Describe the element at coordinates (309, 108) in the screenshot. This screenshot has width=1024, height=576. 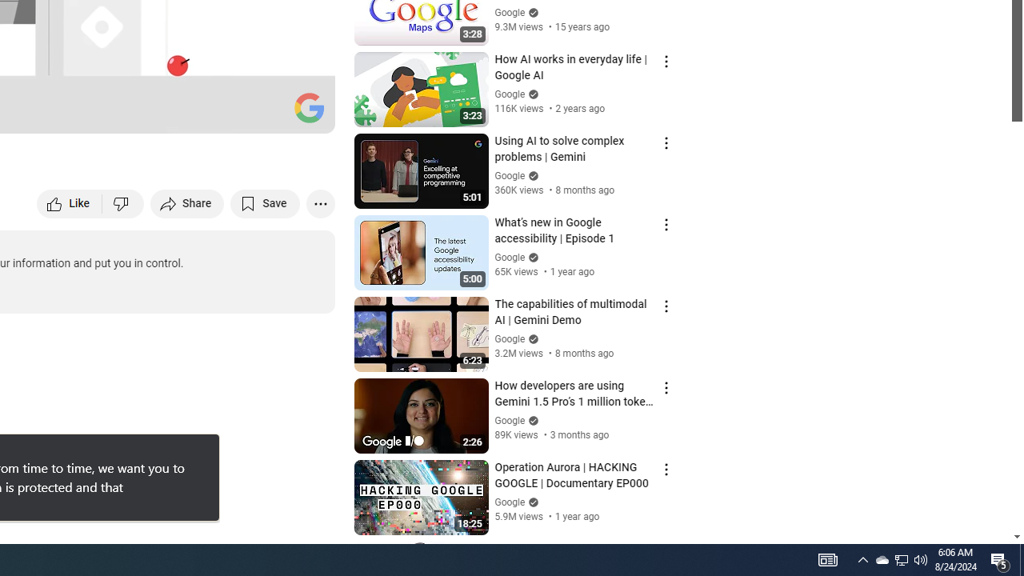
I see `'Channel watermark'` at that location.